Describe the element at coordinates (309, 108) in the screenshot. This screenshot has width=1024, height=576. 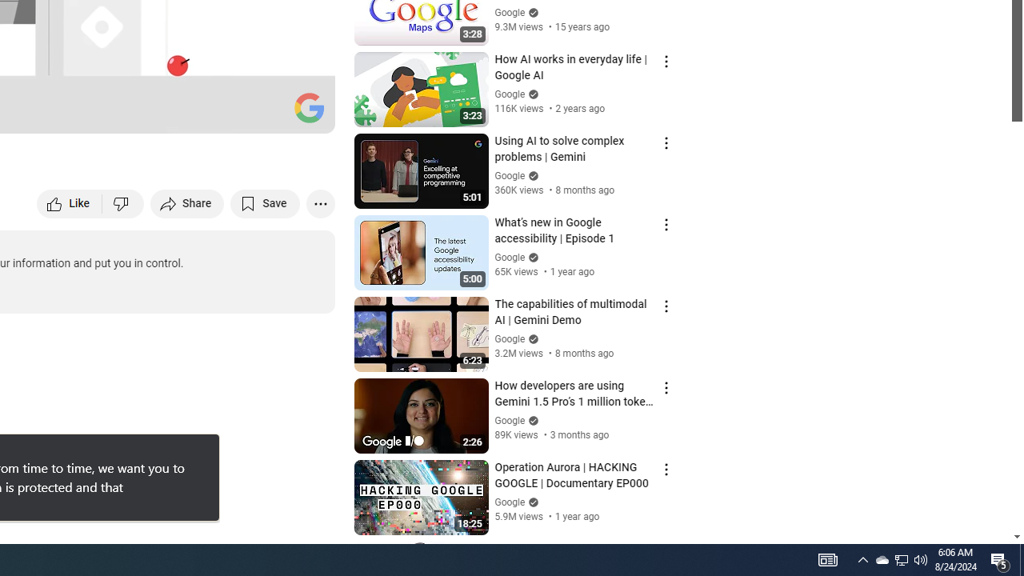
I see `'Channel watermark'` at that location.